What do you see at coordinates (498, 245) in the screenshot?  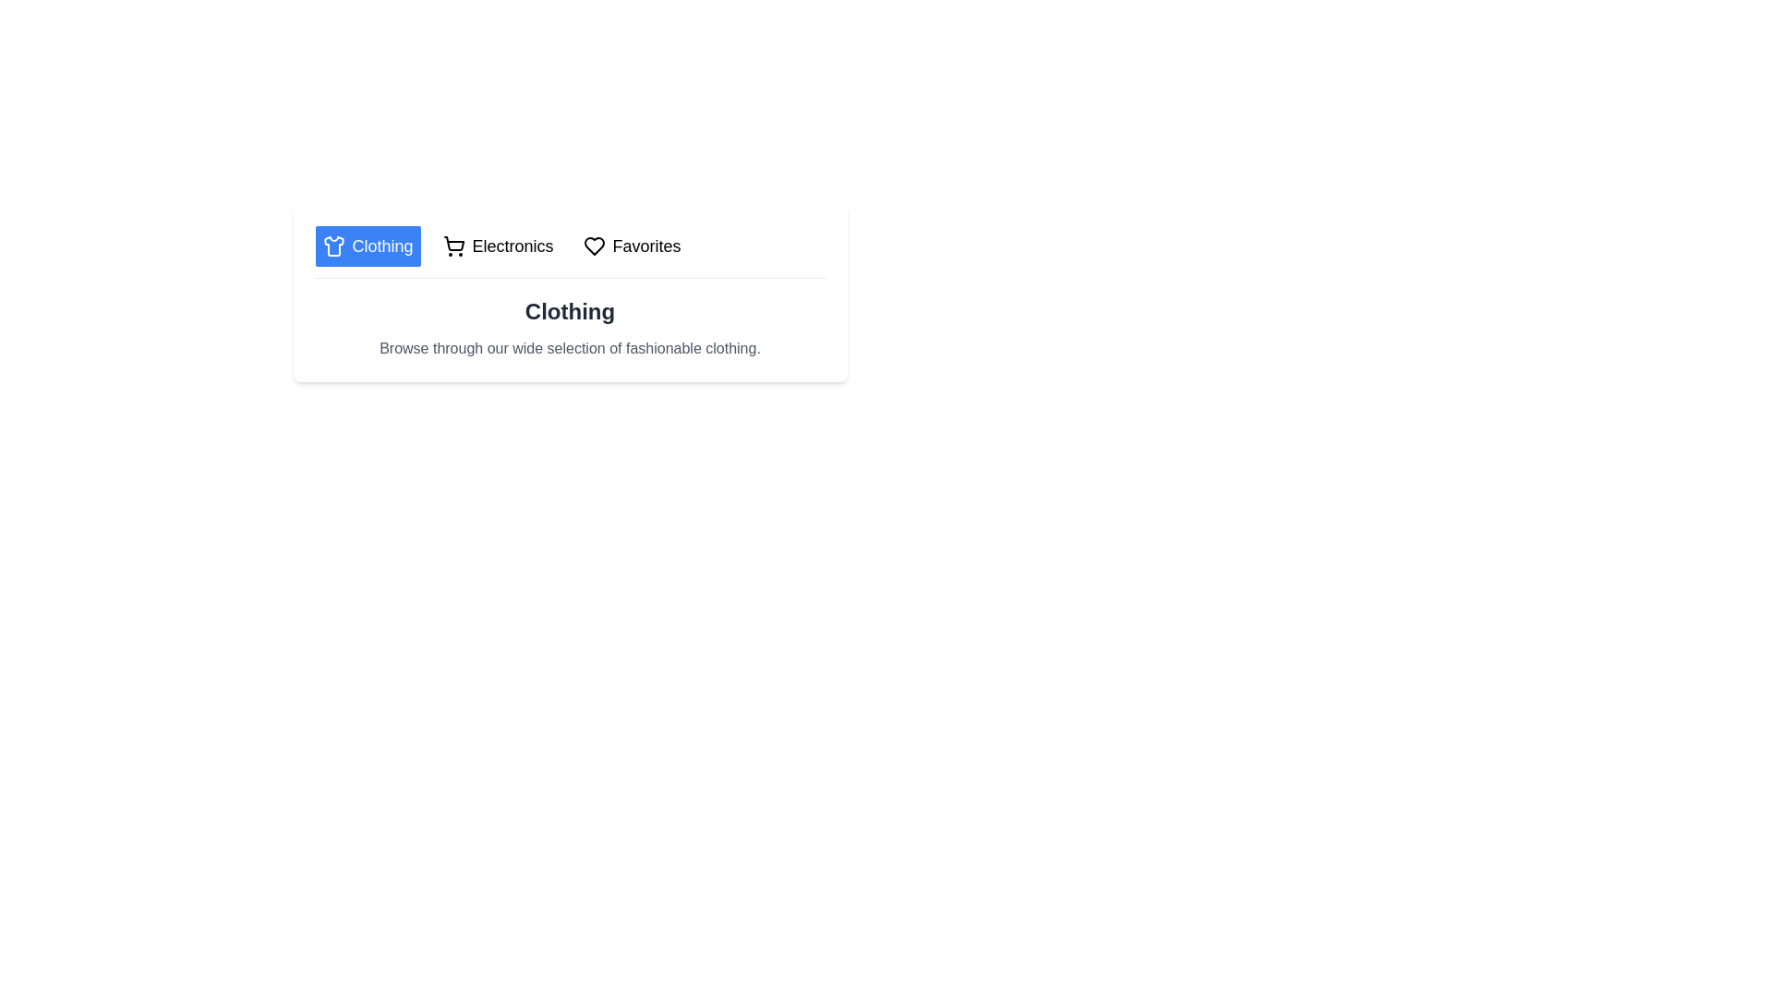 I see `the Electronics tab to switch to the corresponding category` at bounding box center [498, 245].